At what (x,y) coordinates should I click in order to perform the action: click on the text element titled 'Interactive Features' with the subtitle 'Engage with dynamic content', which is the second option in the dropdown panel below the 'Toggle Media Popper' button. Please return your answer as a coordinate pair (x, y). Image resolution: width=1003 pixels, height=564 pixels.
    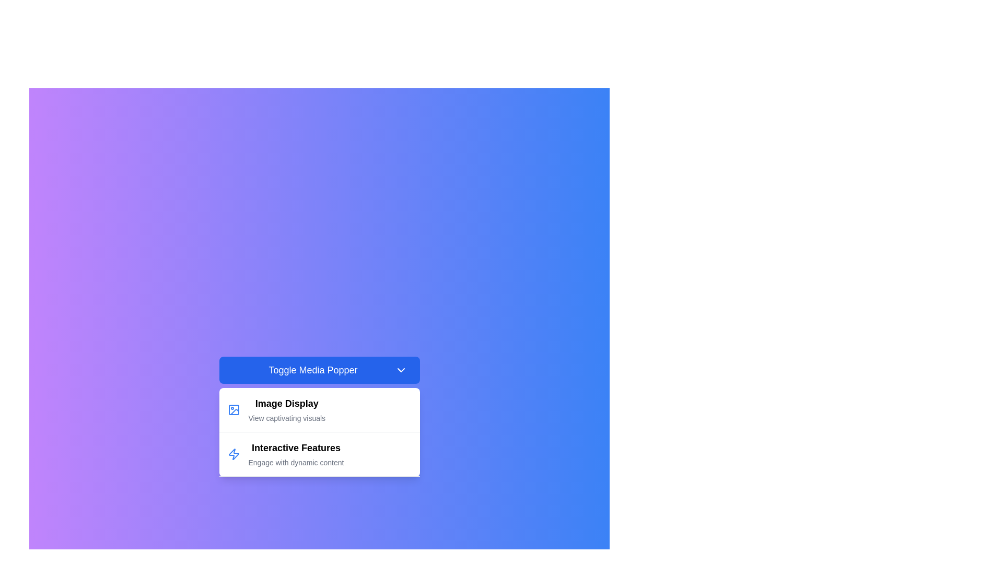
    Looking at the image, I should click on (295, 454).